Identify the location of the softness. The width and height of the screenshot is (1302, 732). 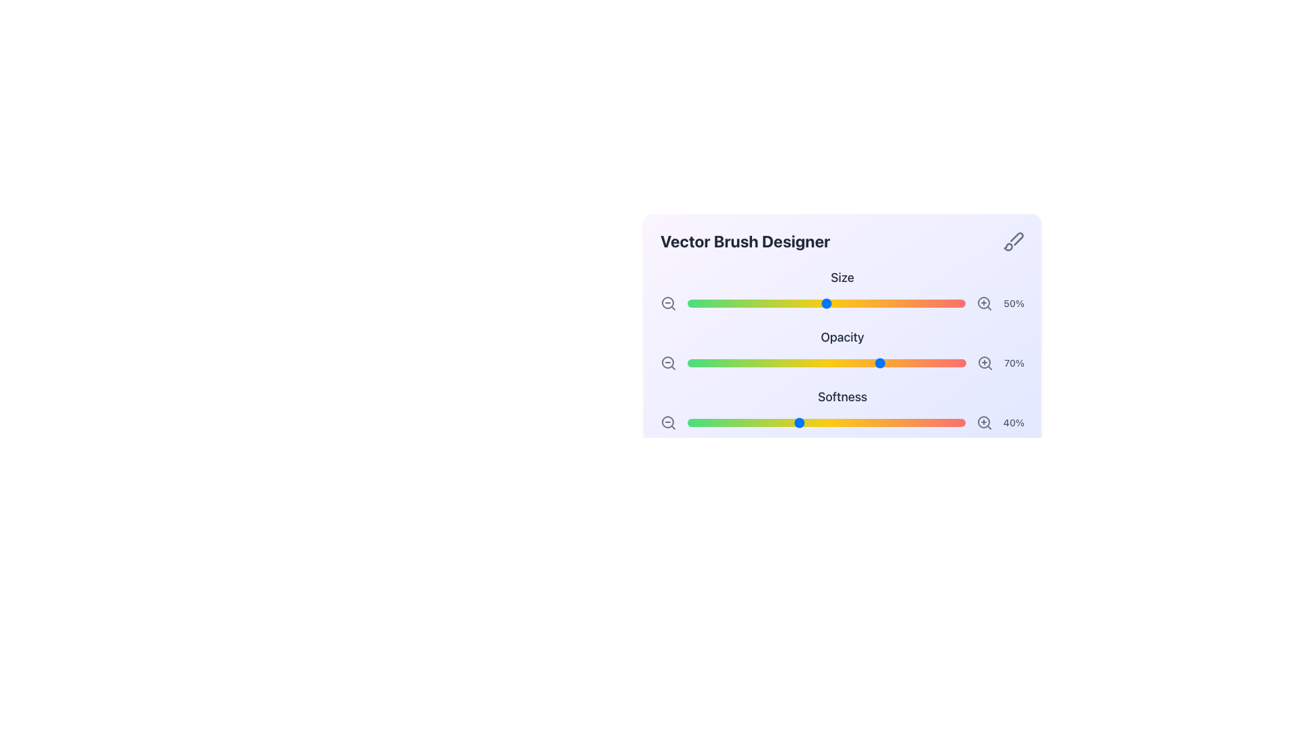
(823, 422).